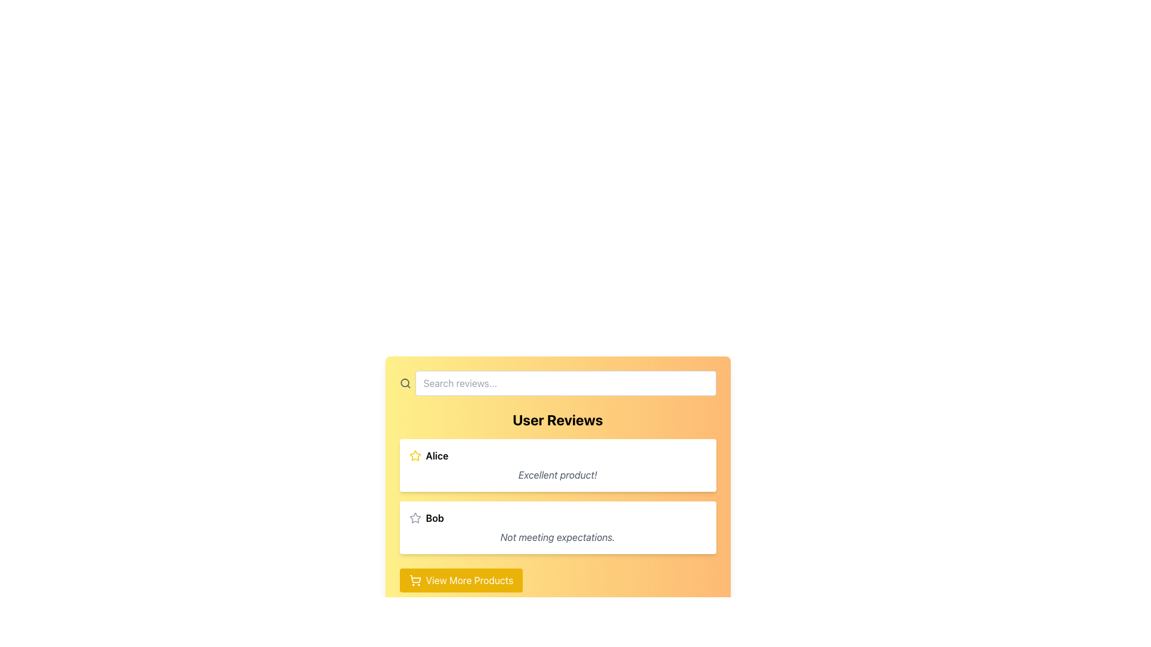 This screenshot has height=647, width=1151. What do you see at coordinates (460, 579) in the screenshot?
I see `the navigation button located at the bottom of the user reviews section` at bounding box center [460, 579].